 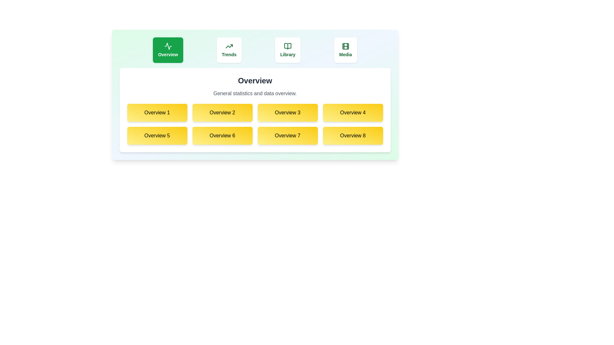 What do you see at coordinates (345, 50) in the screenshot?
I see `the Media tab by clicking on it` at bounding box center [345, 50].